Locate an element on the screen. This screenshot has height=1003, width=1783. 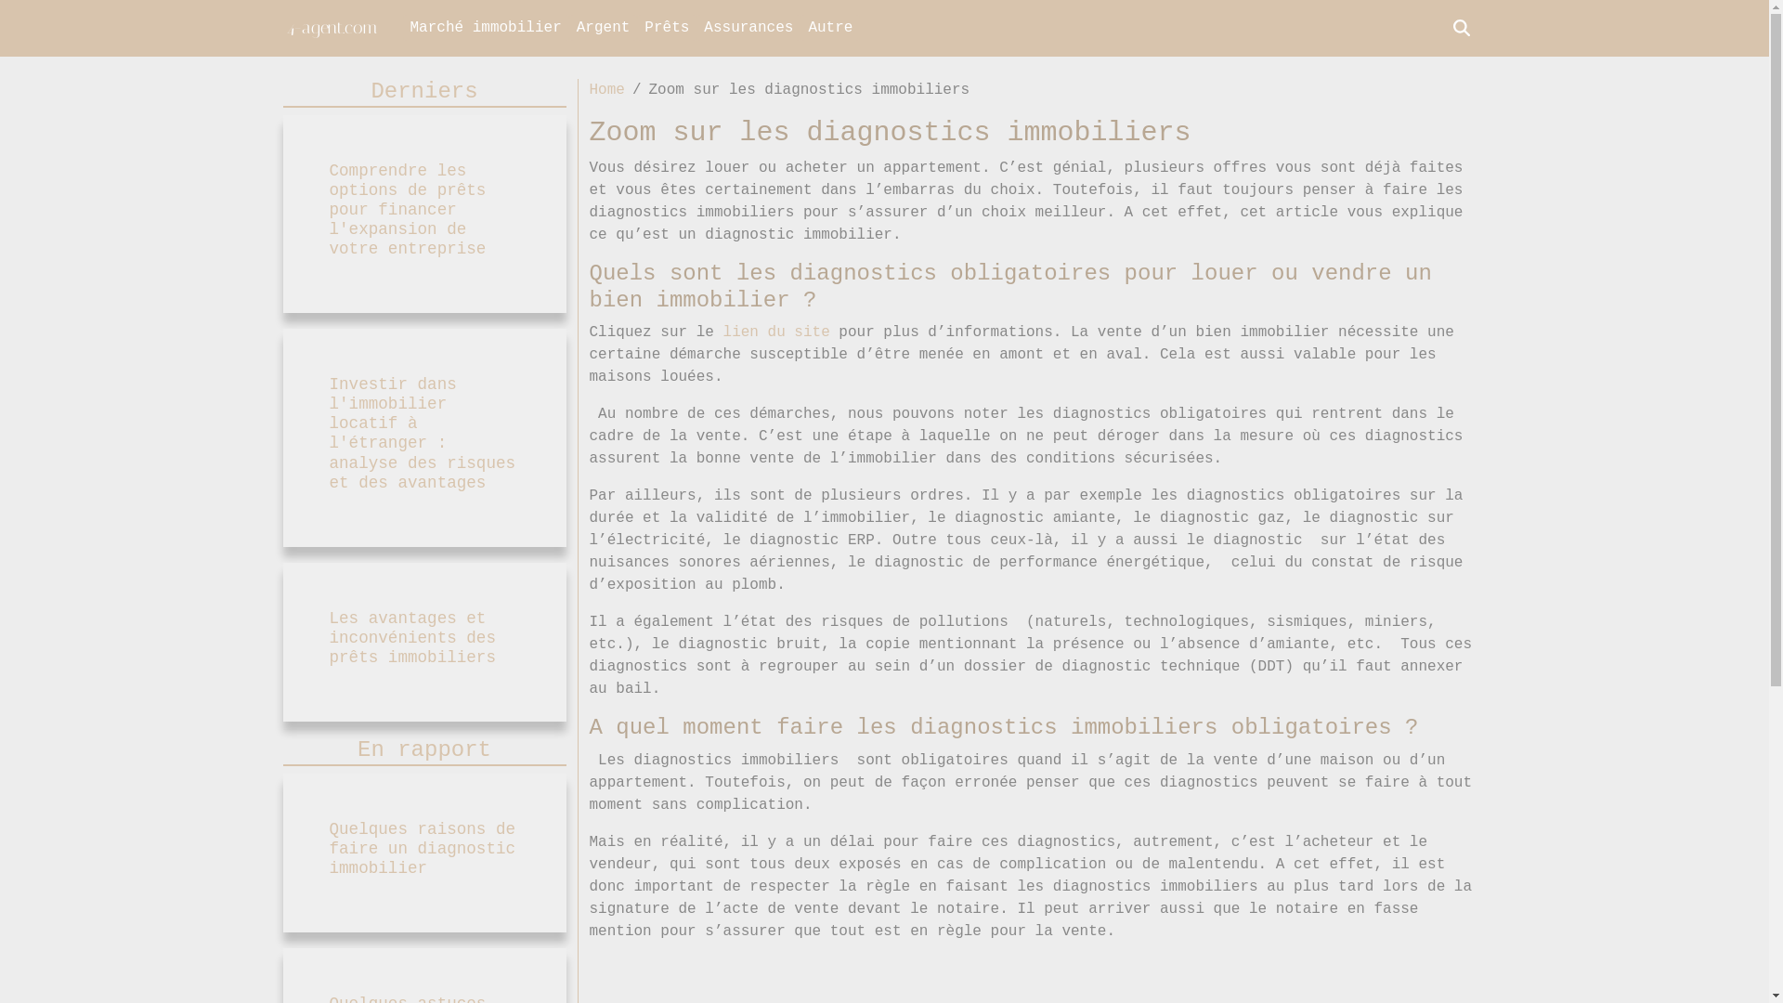
'Autre' is located at coordinates (828, 28).